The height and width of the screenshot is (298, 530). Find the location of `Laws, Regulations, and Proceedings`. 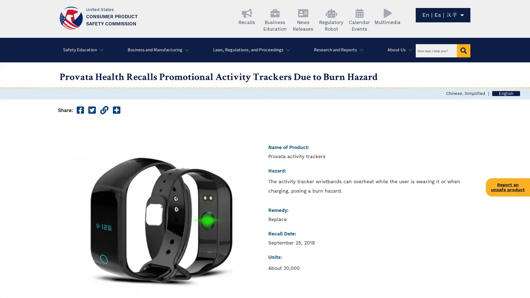

Laws, Regulations, and Proceedings is located at coordinates (249, 50).